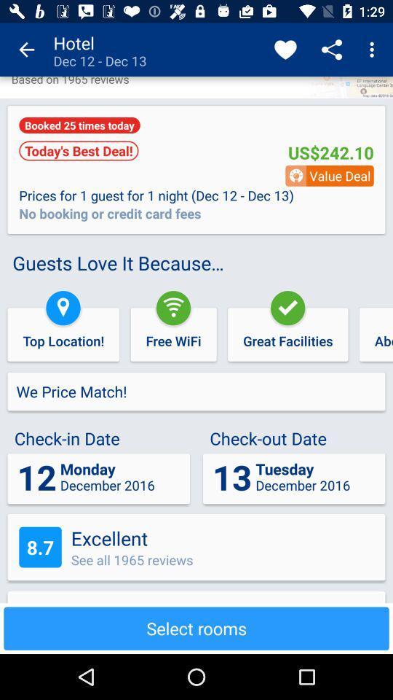  What do you see at coordinates (26, 50) in the screenshot?
I see `the item next to the hotel dec 12 item` at bounding box center [26, 50].